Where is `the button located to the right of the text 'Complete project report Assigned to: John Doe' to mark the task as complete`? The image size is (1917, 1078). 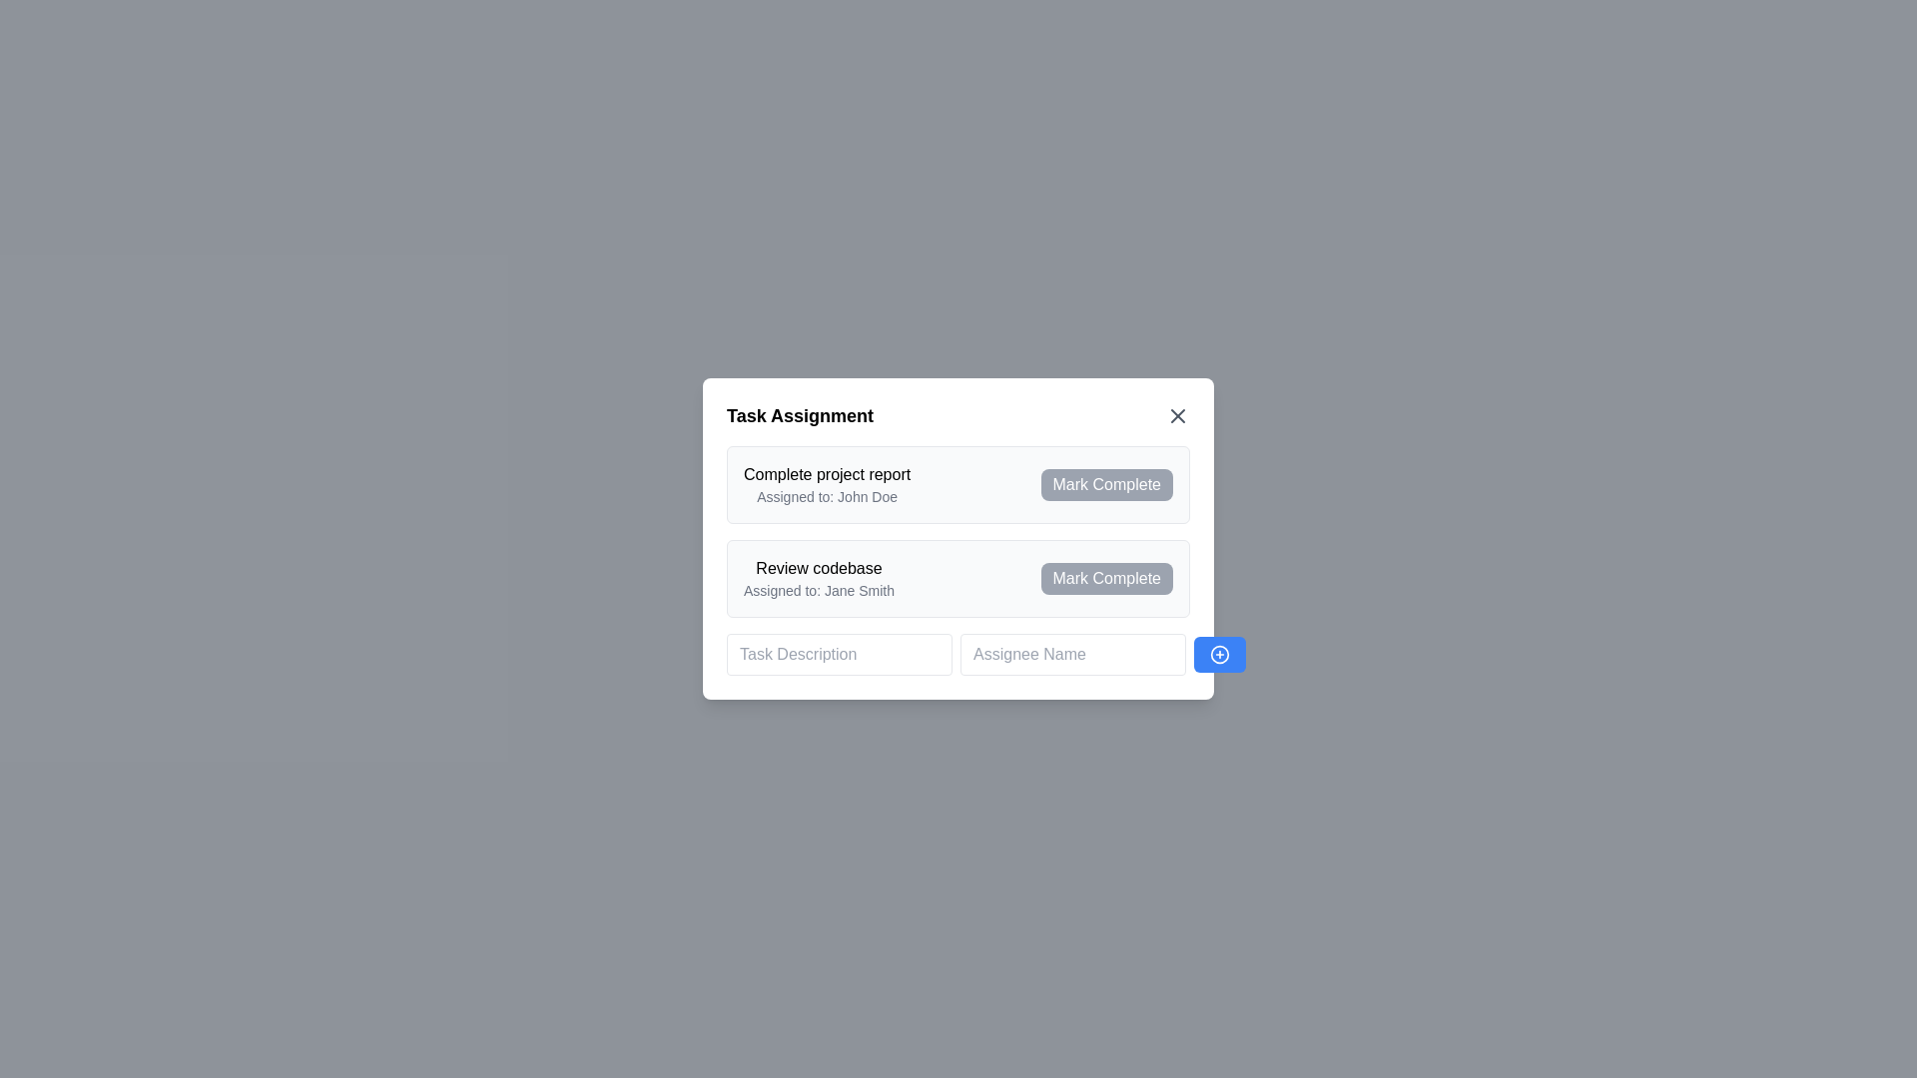
the button located to the right of the text 'Complete project report Assigned to: John Doe' to mark the task as complete is located at coordinates (1105, 485).